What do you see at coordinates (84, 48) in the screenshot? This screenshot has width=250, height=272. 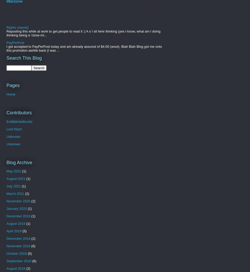 I see `'I got accepted to PayPerPost  today and am already assured of $4.00  (woot).  Blah Blah Blog  got me onto this promotion awhile back (I was ...'` at bounding box center [84, 48].